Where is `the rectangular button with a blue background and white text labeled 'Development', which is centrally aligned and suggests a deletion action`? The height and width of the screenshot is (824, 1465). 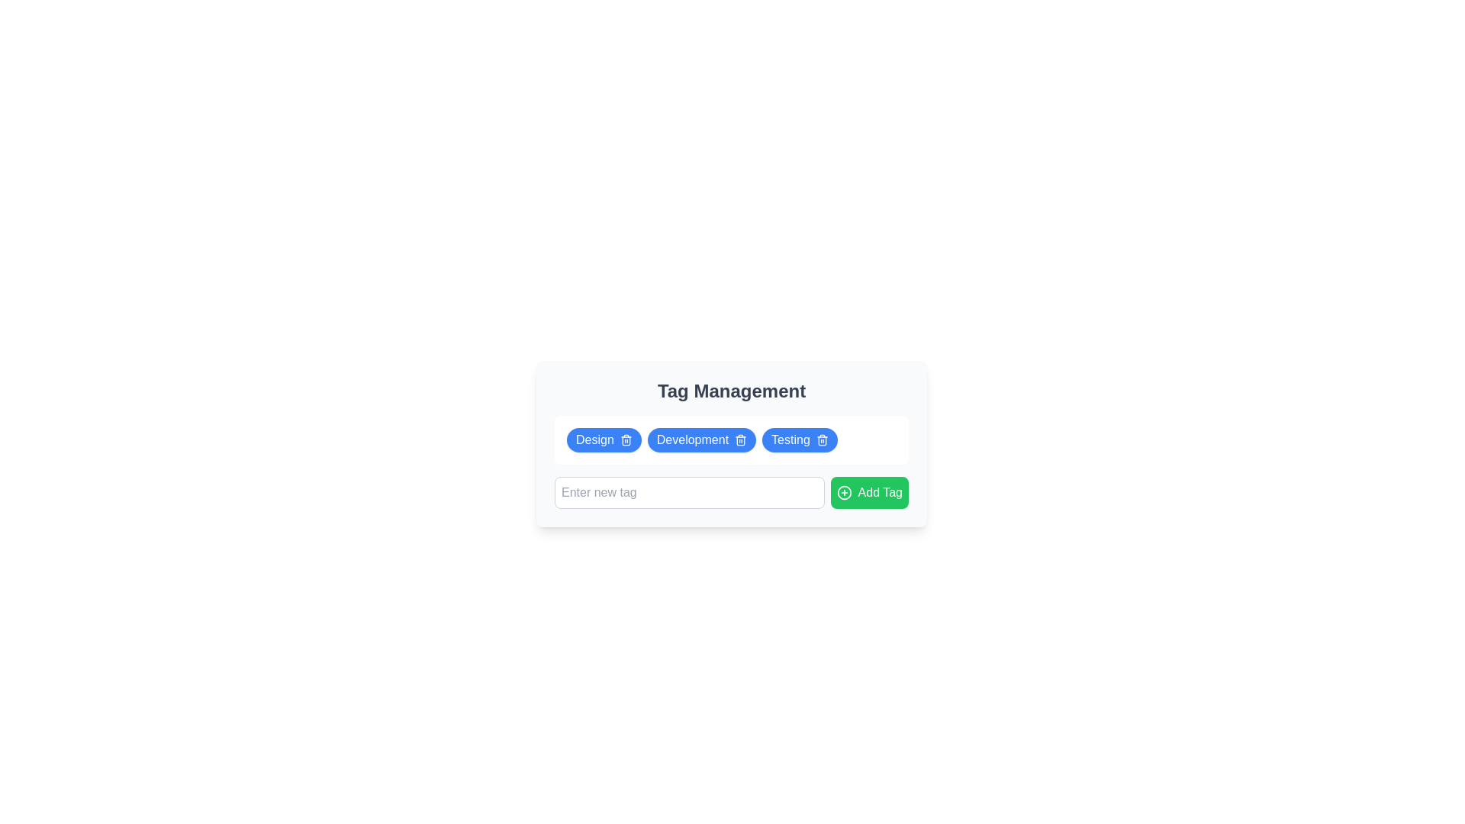
the rectangular button with a blue background and white text labeled 'Development', which is centrally aligned and suggests a deletion action is located at coordinates (700, 440).